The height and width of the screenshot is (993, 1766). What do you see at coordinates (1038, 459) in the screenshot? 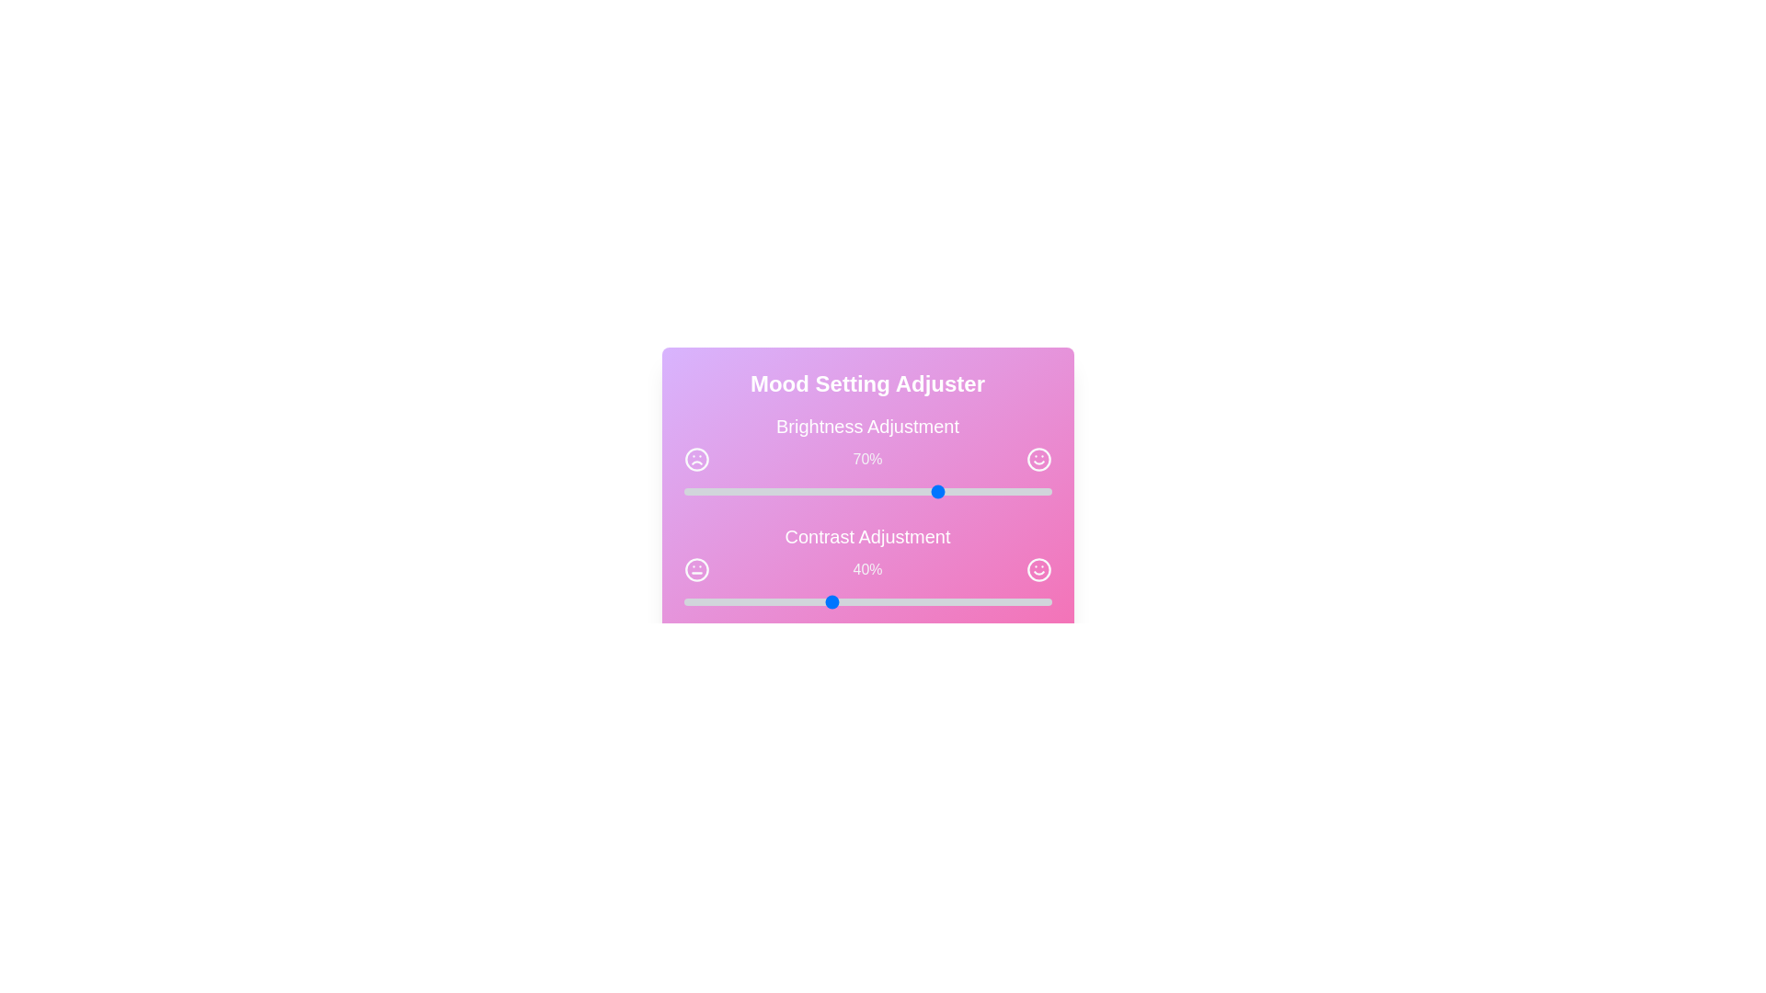
I see `the smile icon adjacent to the brightness slider` at bounding box center [1038, 459].